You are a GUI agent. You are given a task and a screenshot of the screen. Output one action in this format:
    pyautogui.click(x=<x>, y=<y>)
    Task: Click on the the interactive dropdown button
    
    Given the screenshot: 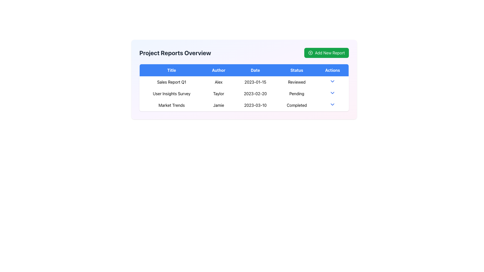 What is the action you would take?
    pyautogui.click(x=332, y=105)
    